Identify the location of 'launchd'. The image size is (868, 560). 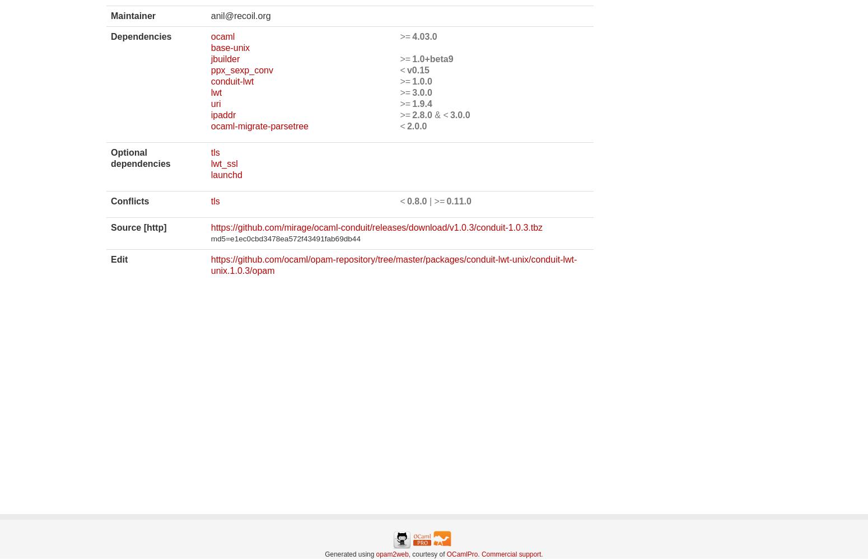
(226, 174).